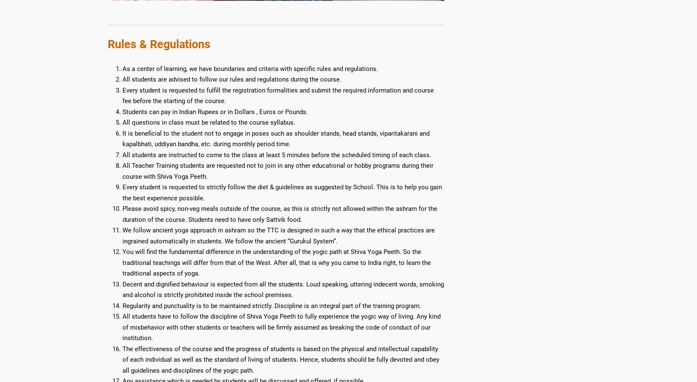 Image resolution: width=697 pixels, height=382 pixels. Describe the element at coordinates (281, 192) in the screenshot. I see `'Every student is requested to strictly follow the diet & guidelines as suggested by School. This is to help you gain the best experience possible.'` at that location.